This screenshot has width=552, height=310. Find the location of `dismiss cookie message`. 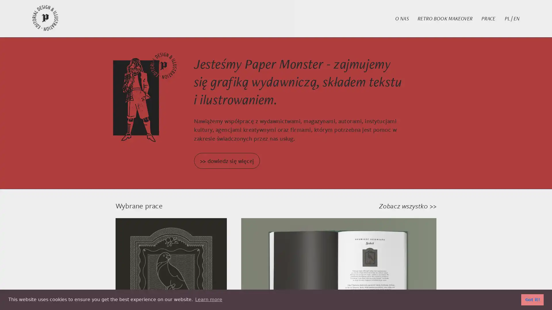

dismiss cookie message is located at coordinates (532, 299).